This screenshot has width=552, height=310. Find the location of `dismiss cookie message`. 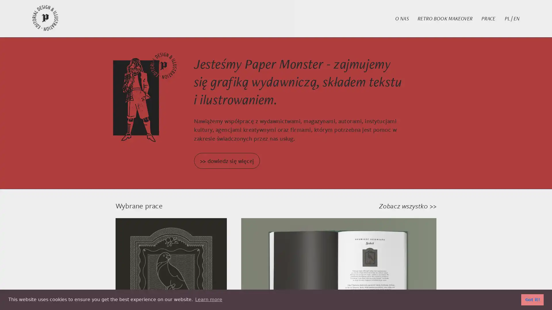

dismiss cookie message is located at coordinates (532, 299).